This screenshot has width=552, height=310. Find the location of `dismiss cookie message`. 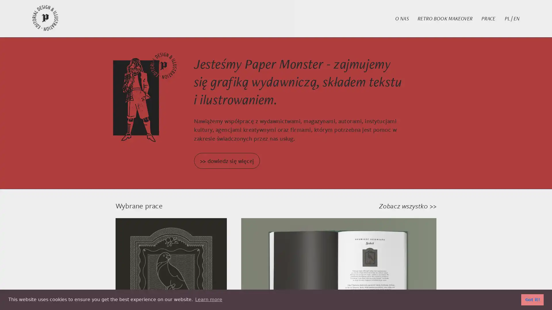

dismiss cookie message is located at coordinates (532, 299).